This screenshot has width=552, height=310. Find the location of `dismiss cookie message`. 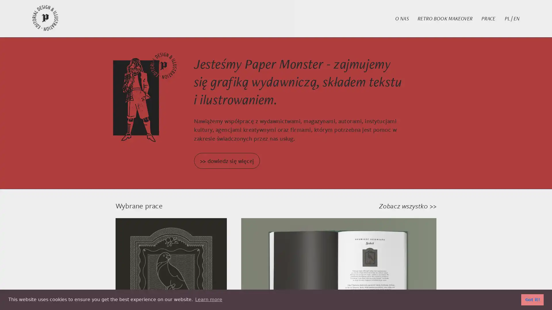

dismiss cookie message is located at coordinates (532, 299).